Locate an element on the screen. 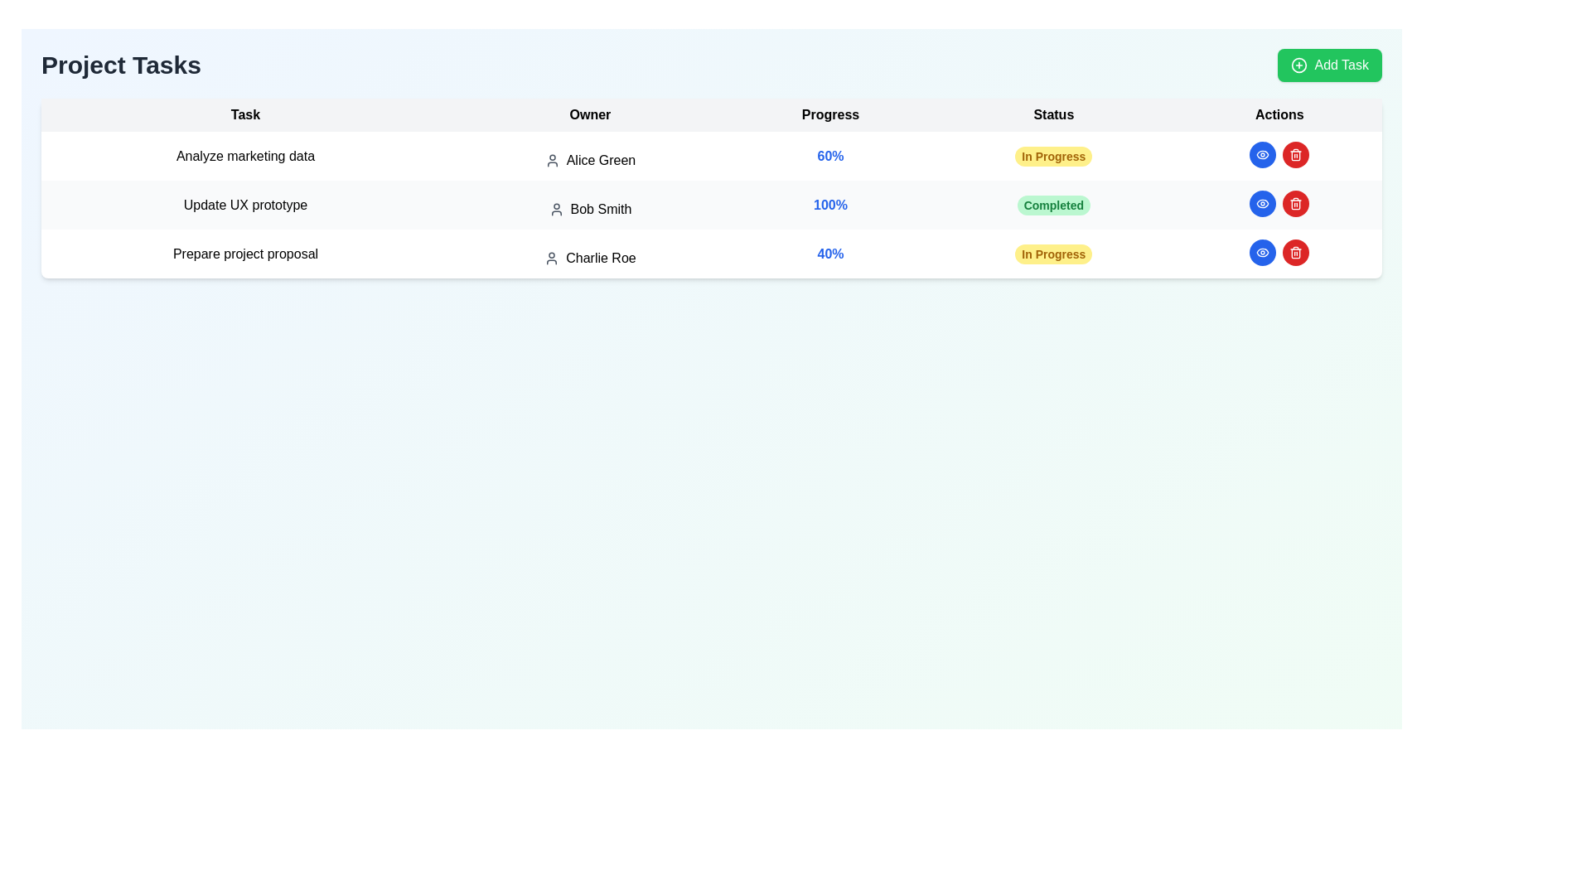 Image resolution: width=1591 pixels, height=895 pixels. the 'view' button located in the 'Actions' column of the second row in the task management table is located at coordinates (1261, 203).